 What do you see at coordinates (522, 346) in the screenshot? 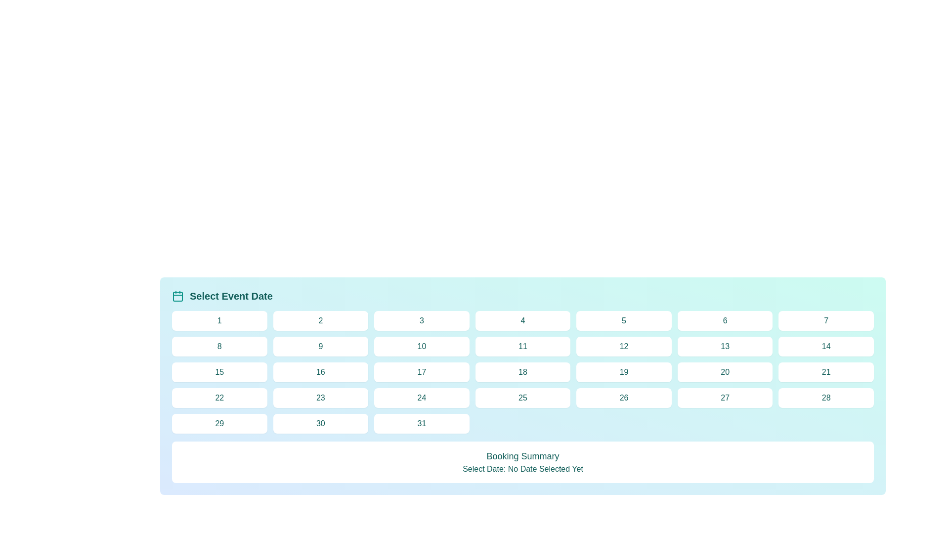
I see `the button that allows the user to select '11' as the date in the calendar, located in the second row and fourth column of the grid layout under the 'Select Event Date' header` at bounding box center [522, 346].